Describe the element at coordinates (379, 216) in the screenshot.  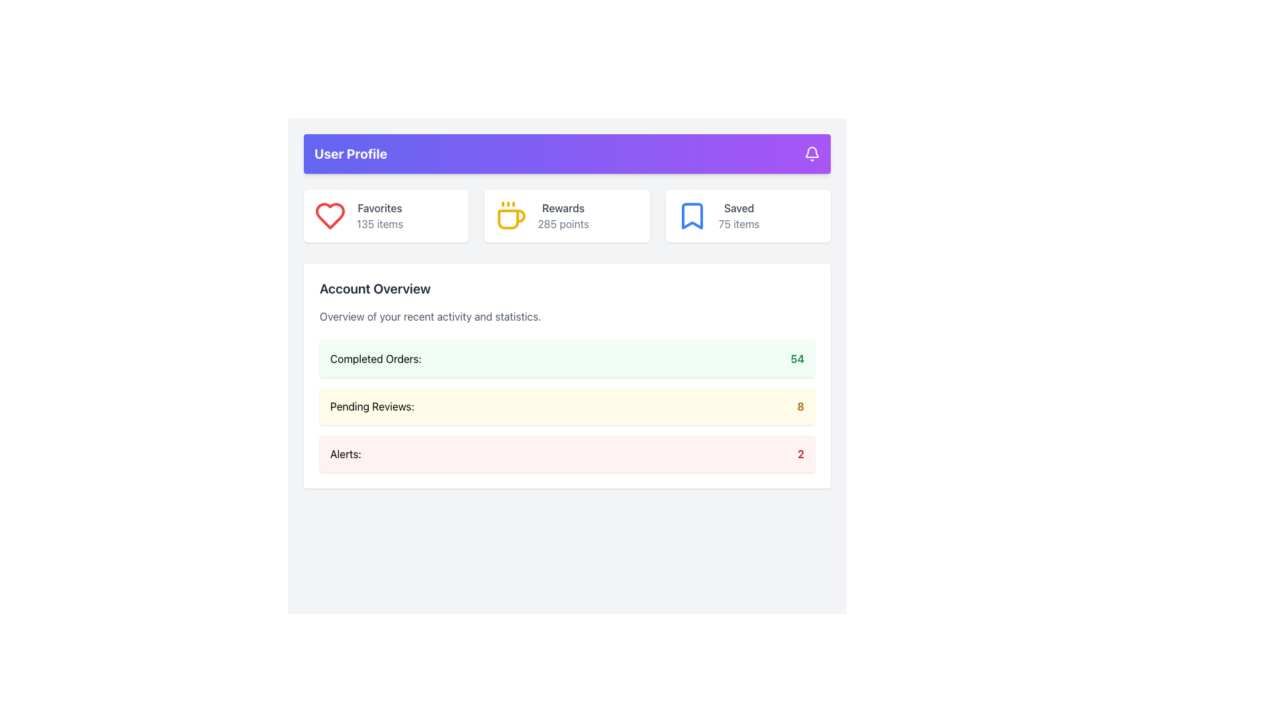
I see `the Text display component that shows the number of items marked as 'Favorites', located in the second box from the left beneath the 'User Profile' banner, to the right of a red heart icon` at that location.